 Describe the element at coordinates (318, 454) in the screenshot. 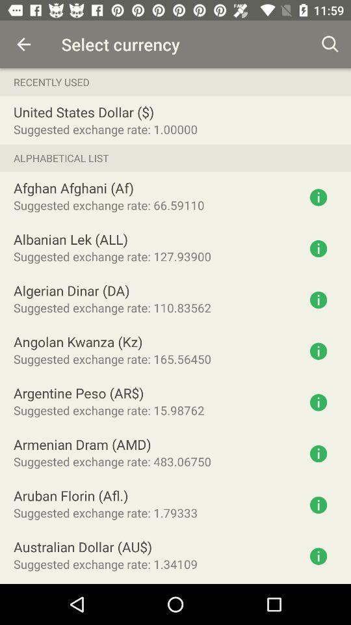

I see `more information` at that location.